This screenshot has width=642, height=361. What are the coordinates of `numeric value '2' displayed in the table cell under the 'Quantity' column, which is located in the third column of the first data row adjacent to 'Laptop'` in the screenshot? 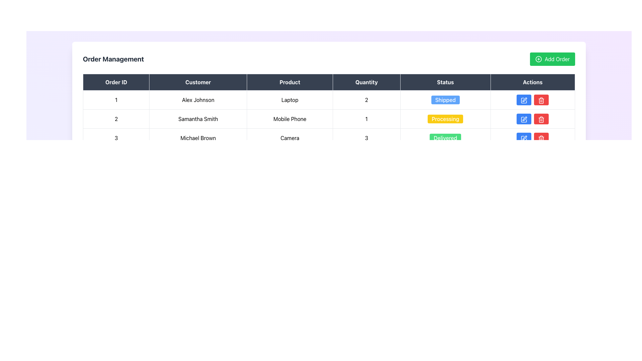 It's located at (366, 100).